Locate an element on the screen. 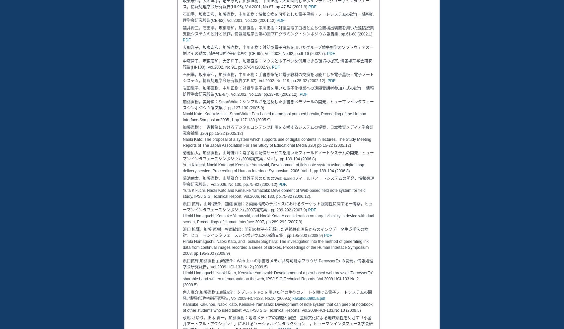 The height and width of the screenshot is (329, 564). '菊池佑太，加藤直樹，山崎謙介：電子地図配信サービスを用いたフィールドノートシステムの開発，ヒューマンインタフェースシンポジウム2006論文集，Vol.1，pp.189-194 (2006.8)' is located at coordinates (182, 155).